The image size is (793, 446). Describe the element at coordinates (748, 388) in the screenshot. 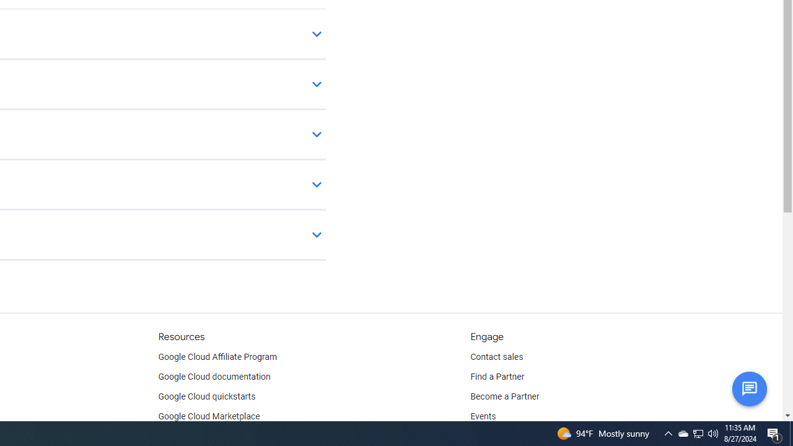

I see `'Button to activate chat'` at that location.